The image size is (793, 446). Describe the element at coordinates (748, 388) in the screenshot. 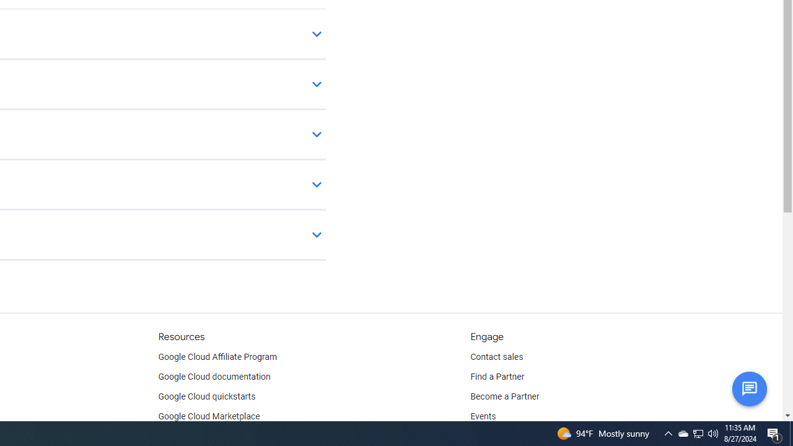

I see `'Button to activate chat'` at that location.